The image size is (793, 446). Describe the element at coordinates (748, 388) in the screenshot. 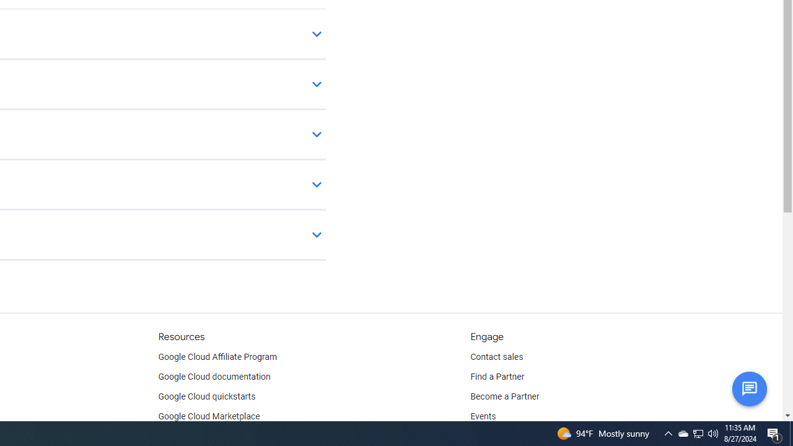

I see `'Button to activate chat'` at that location.